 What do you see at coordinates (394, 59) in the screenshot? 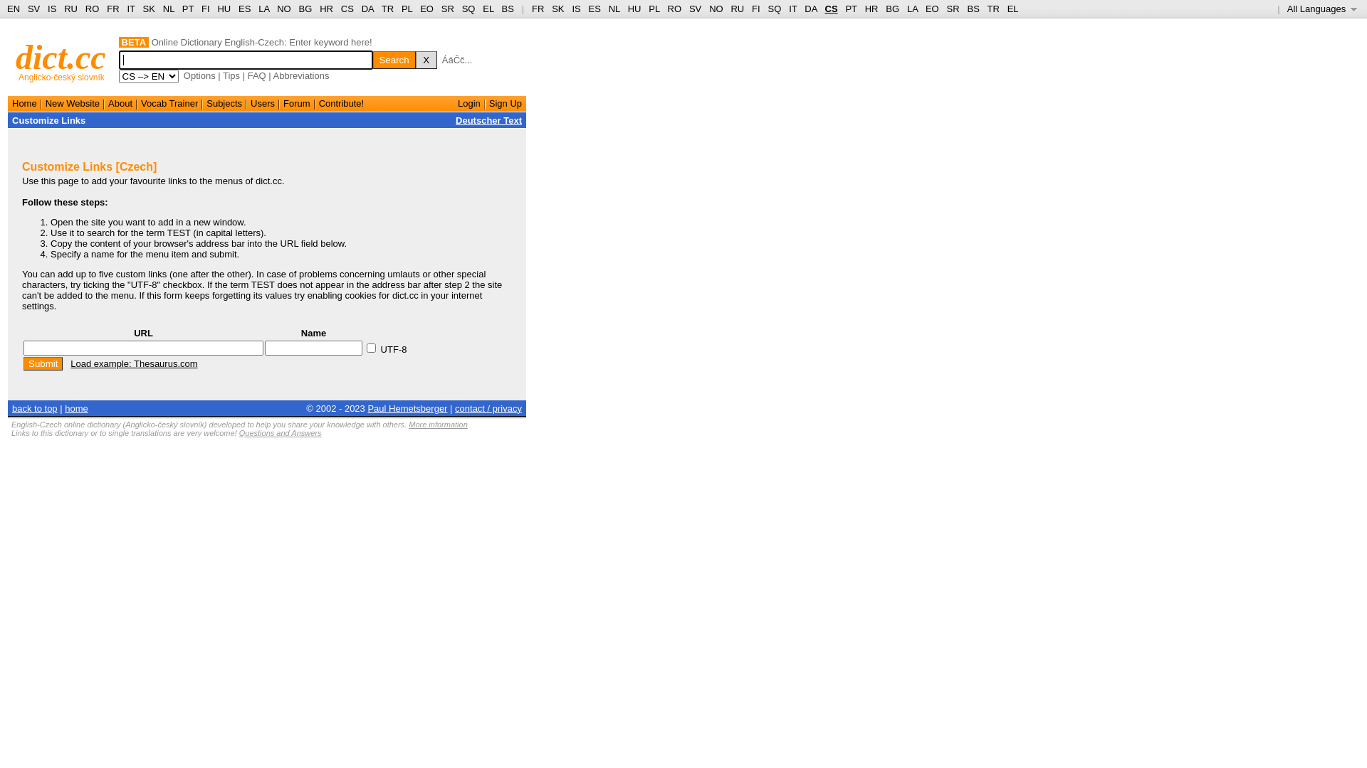
I see `'Search'` at bounding box center [394, 59].